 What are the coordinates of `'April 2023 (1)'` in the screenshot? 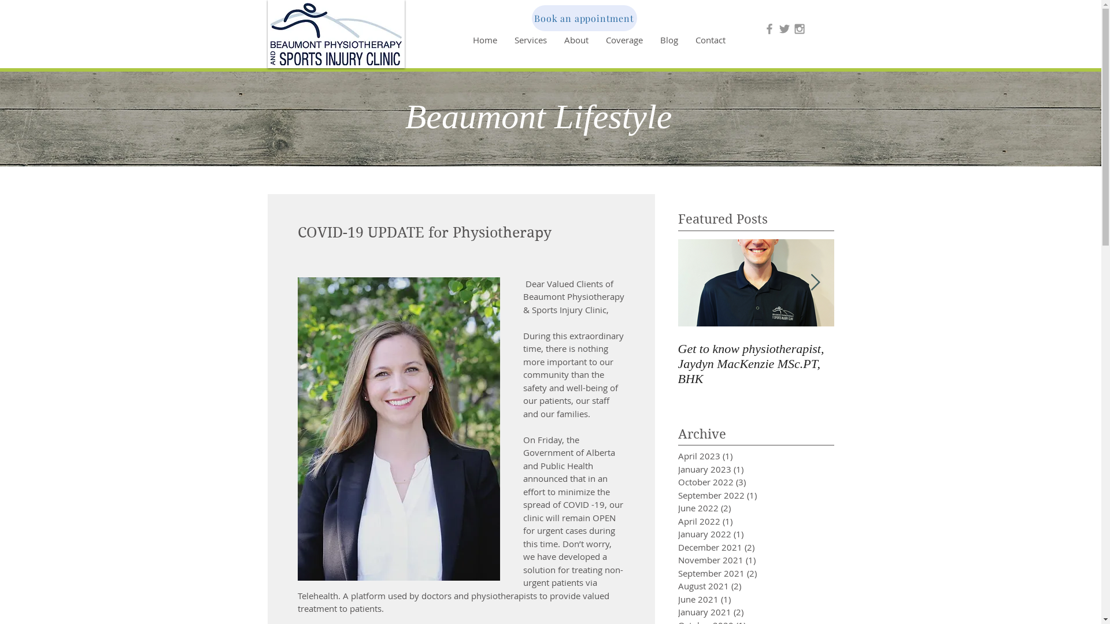 It's located at (737, 455).